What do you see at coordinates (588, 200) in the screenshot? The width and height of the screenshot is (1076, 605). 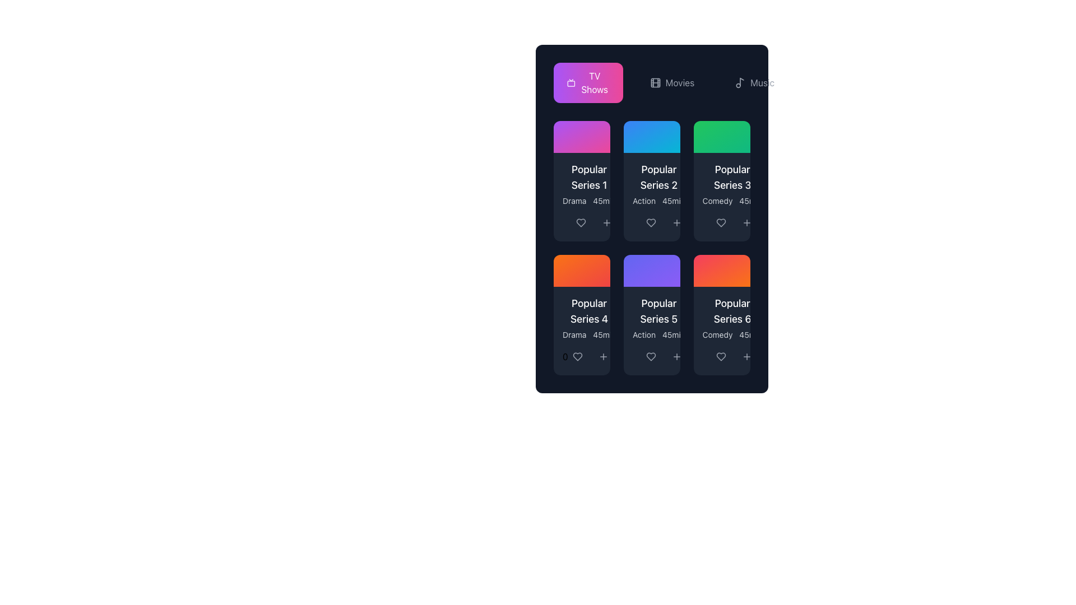 I see `the text label displaying 'Drama 45min', which is styled with a small font size and muted gray color, located beneath the title 'Popular Series 1' in the first item of the grid layout under the 'TV Shows' section` at bounding box center [588, 200].